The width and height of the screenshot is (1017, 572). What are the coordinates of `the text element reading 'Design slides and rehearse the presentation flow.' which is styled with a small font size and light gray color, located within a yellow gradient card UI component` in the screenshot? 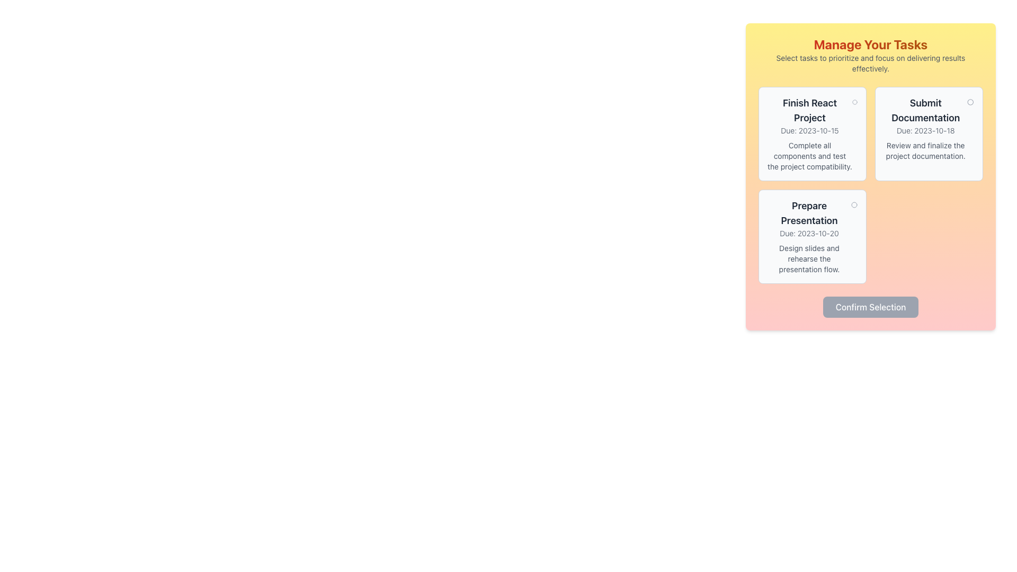 It's located at (808, 259).